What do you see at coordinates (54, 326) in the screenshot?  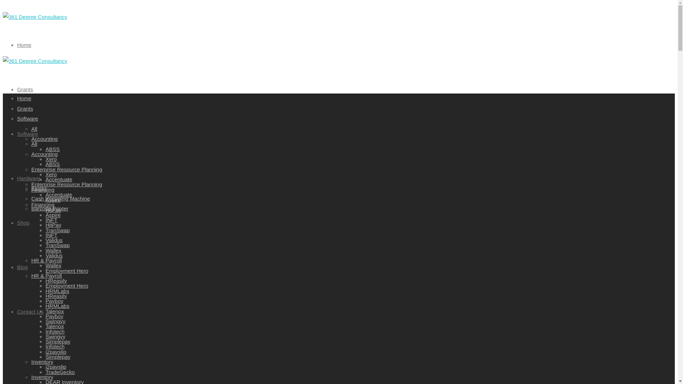 I see `'Talenox'` at bounding box center [54, 326].